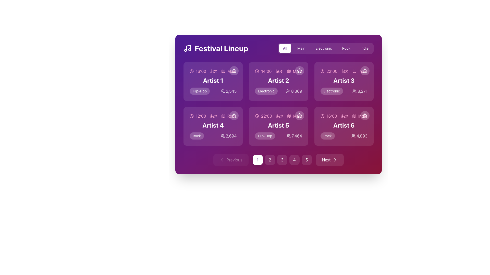 Image resolution: width=490 pixels, height=275 pixels. I want to click on the text delimiter element that visually separates the time '22:00' and the genre label 'indie' in the artist card structure, so click(345, 71).